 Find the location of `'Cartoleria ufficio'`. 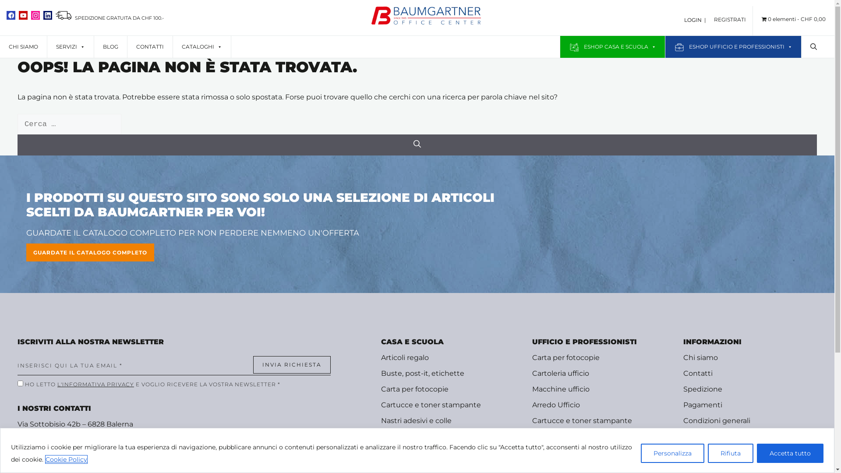

'Cartoleria ufficio' is located at coordinates (561, 373).